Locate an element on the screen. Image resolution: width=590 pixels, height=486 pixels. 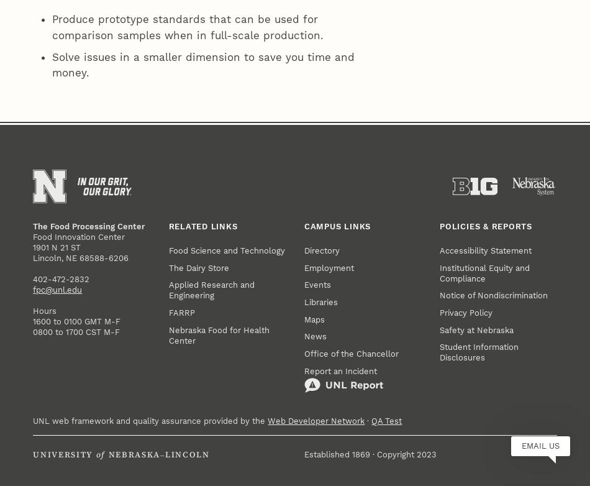
'UNL web framework and quality assurance provided by the' is located at coordinates (149, 224).